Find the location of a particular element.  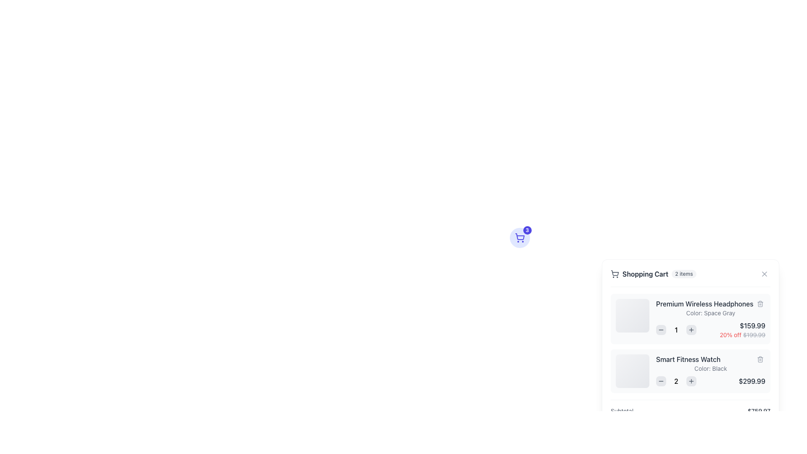

the image placeholder for 'Premium Wireless Headphones' in the shopping cart interface, which serves as a visual representation of the product is located at coordinates (633, 316).